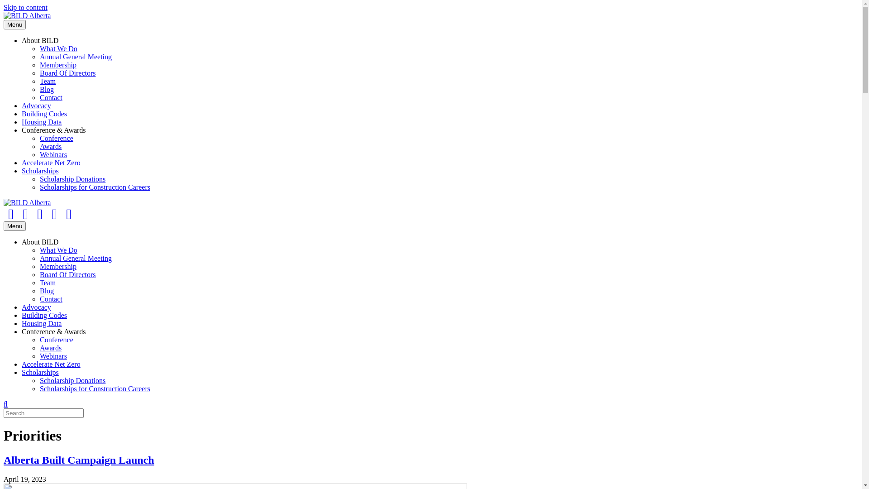 This screenshot has height=489, width=869. Describe the element at coordinates (46, 291) in the screenshot. I see `'Blog'` at that location.